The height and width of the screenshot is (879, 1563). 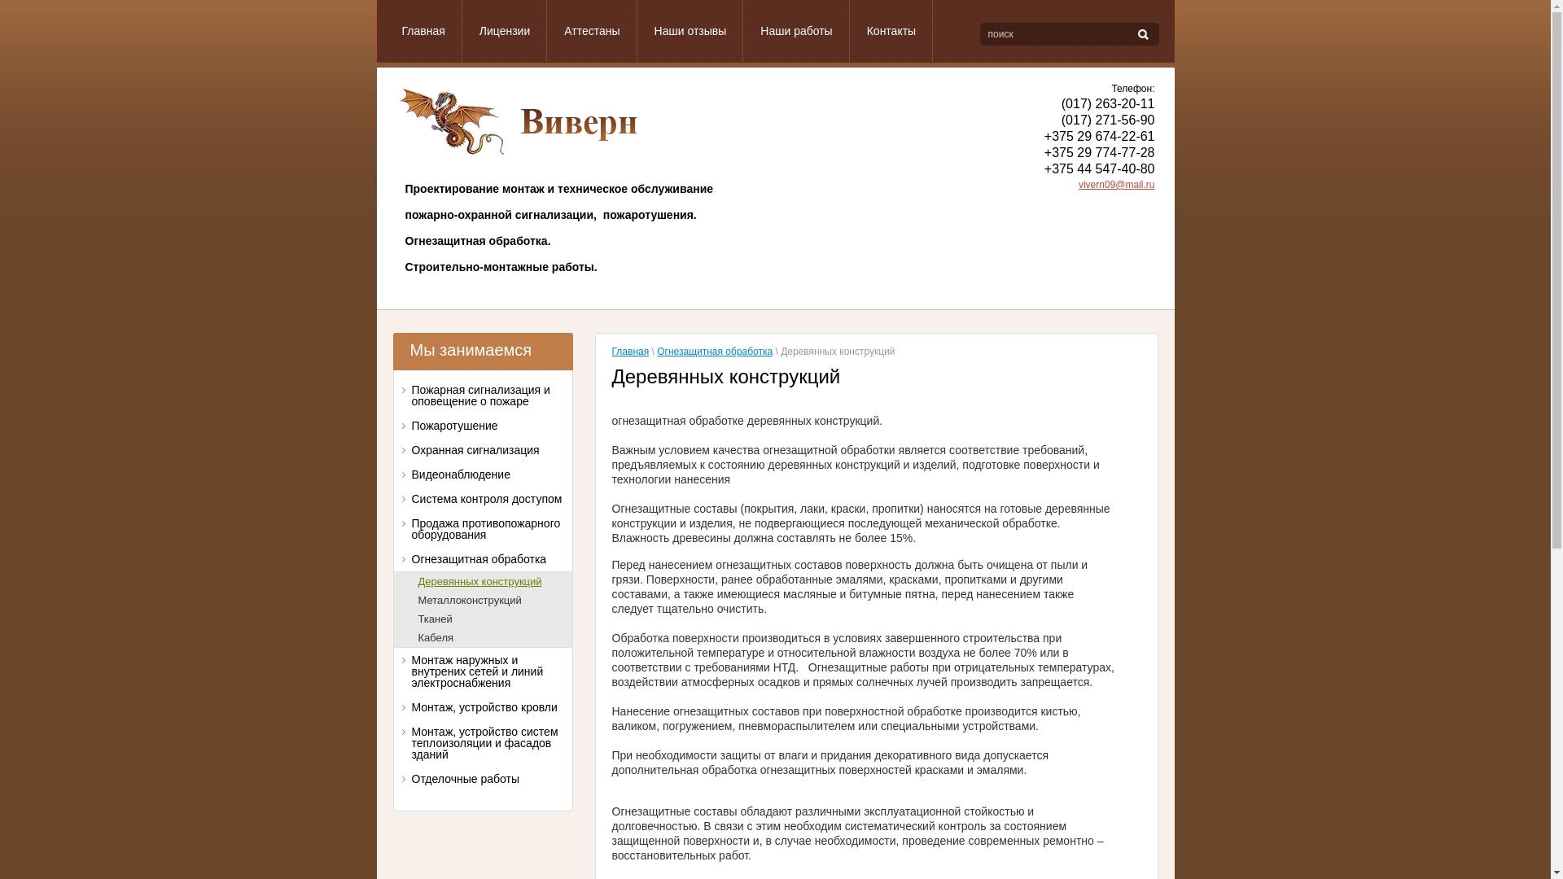 What do you see at coordinates (1116, 184) in the screenshot?
I see `'vivern09@mail.ru'` at bounding box center [1116, 184].